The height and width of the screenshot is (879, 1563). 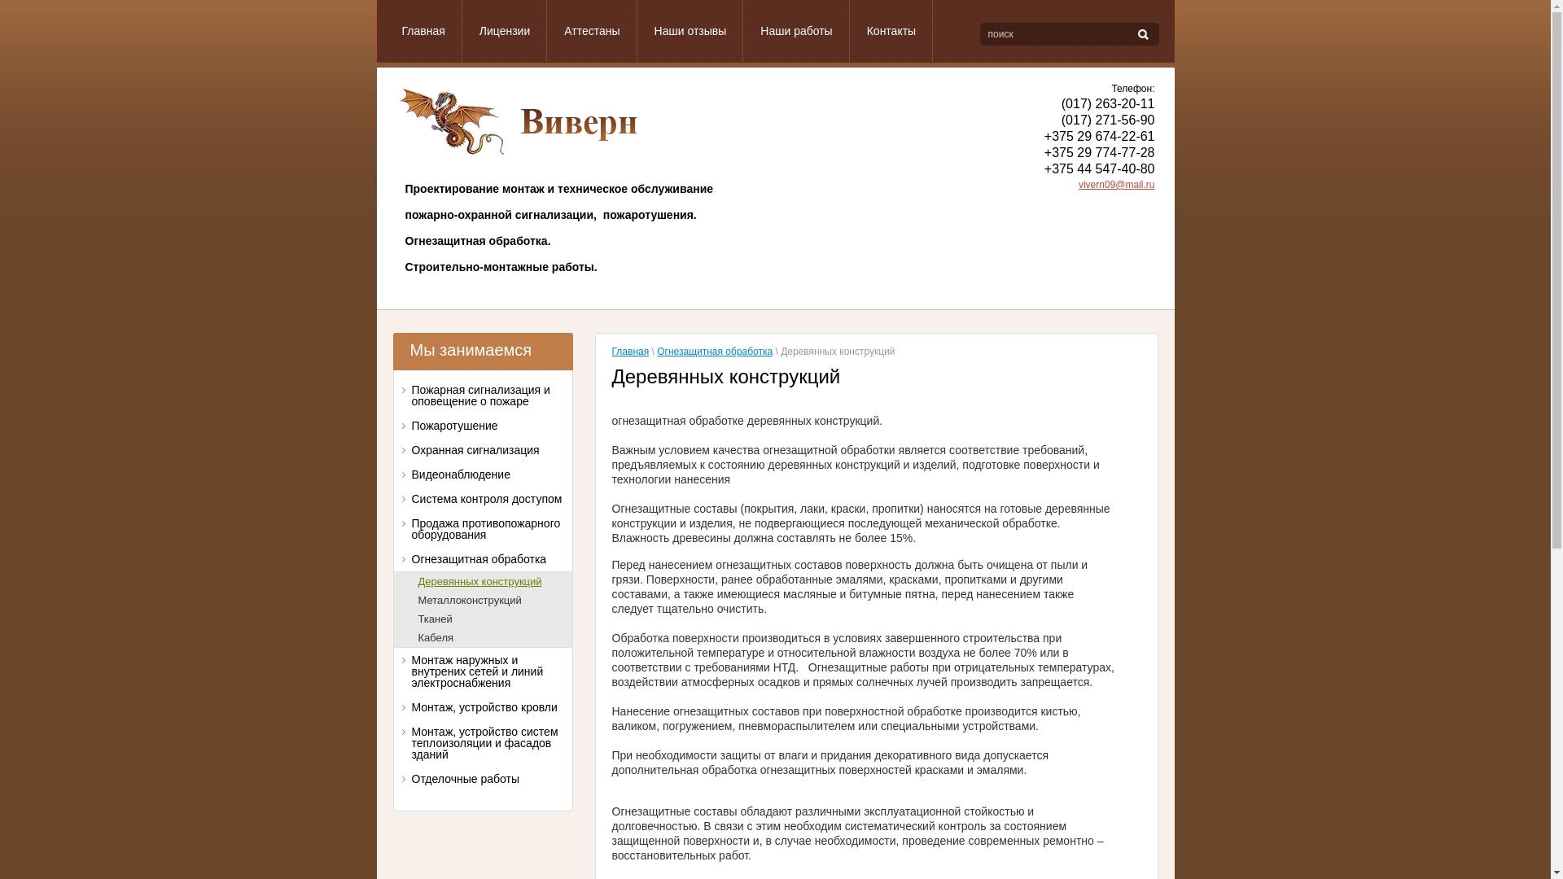 What do you see at coordinates (1116, 184) in the screenshot?
I see `'vivern09@mail.ru'` at bounding box center [1116, 184].